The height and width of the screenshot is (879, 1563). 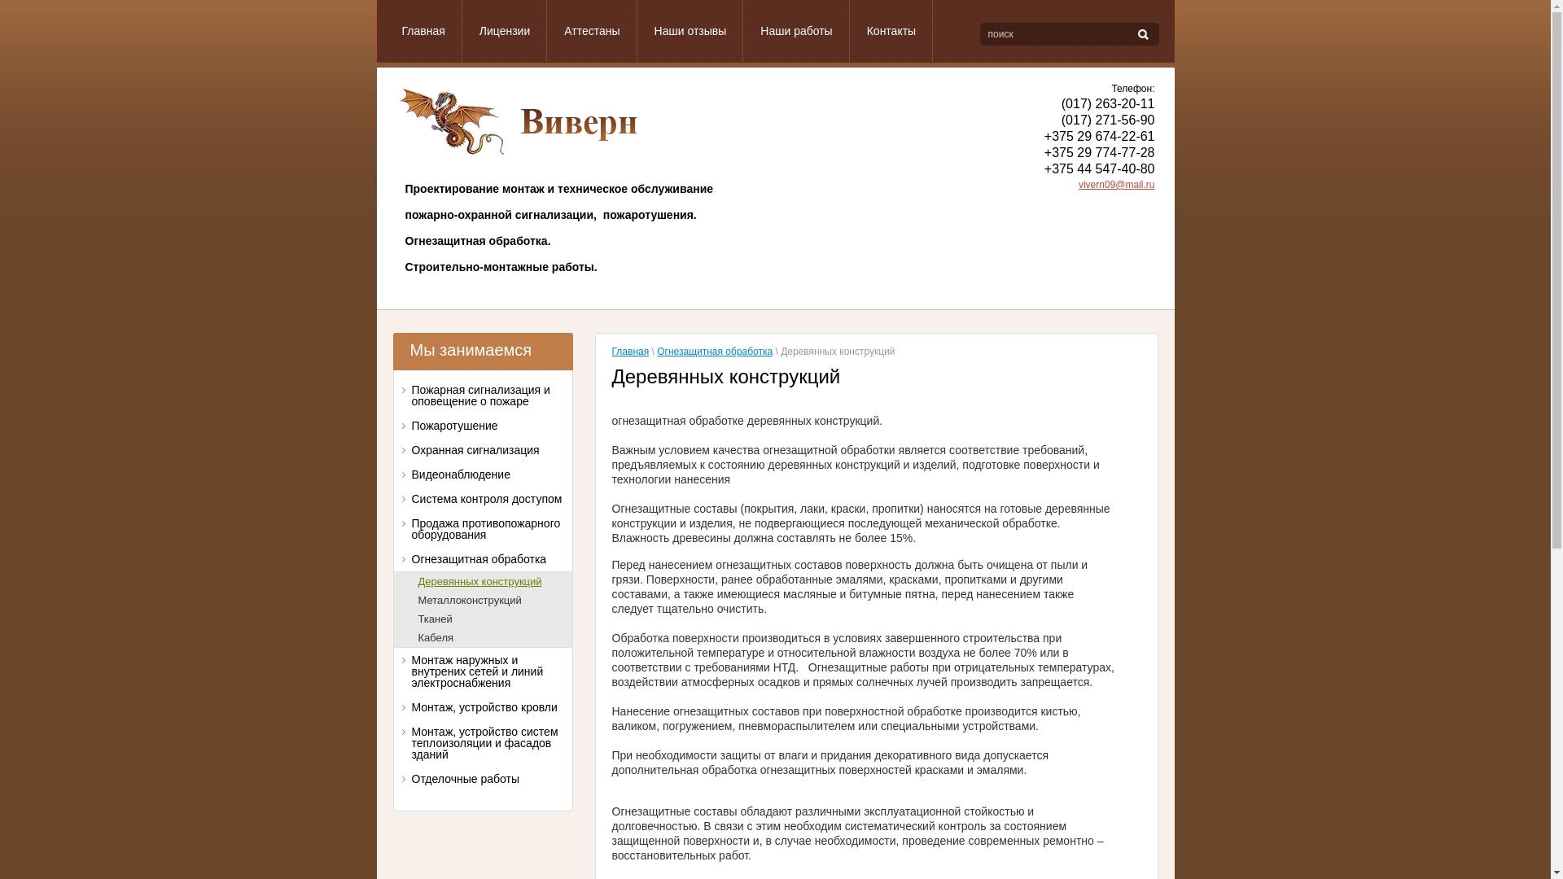 What do you see at coordinates (1116, 184) in the screenshot?
I see `'vivern09@mail.ru'` at bounding box center [1116, 184].